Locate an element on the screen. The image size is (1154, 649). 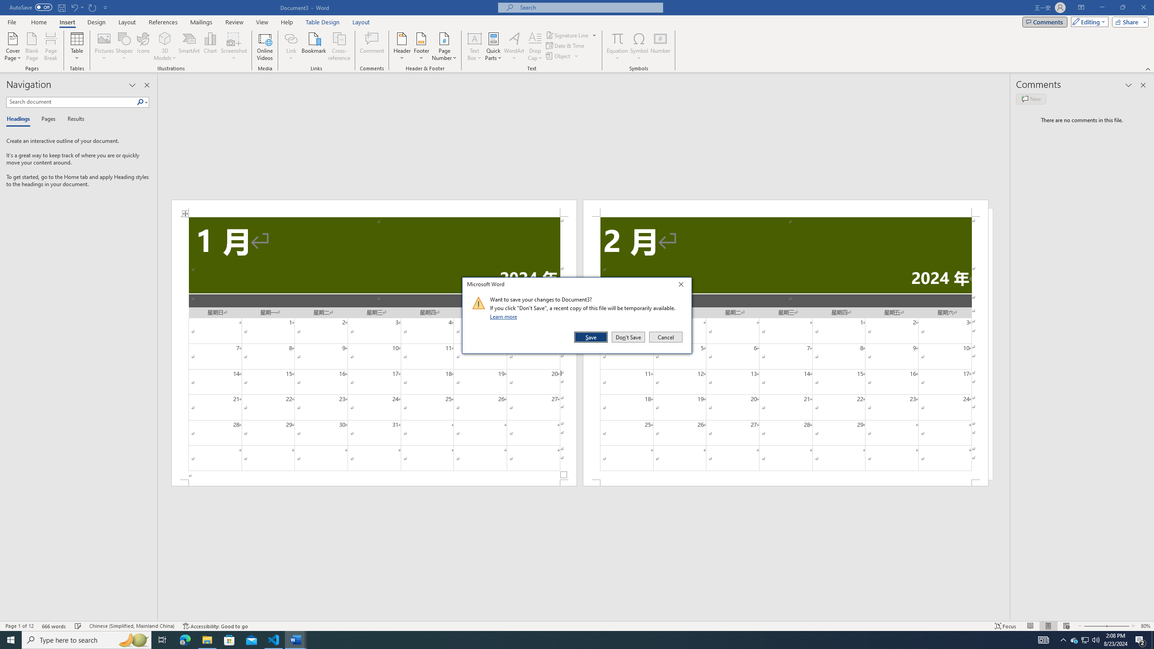
'Web Layout' is located at coordinates (1066, 626).